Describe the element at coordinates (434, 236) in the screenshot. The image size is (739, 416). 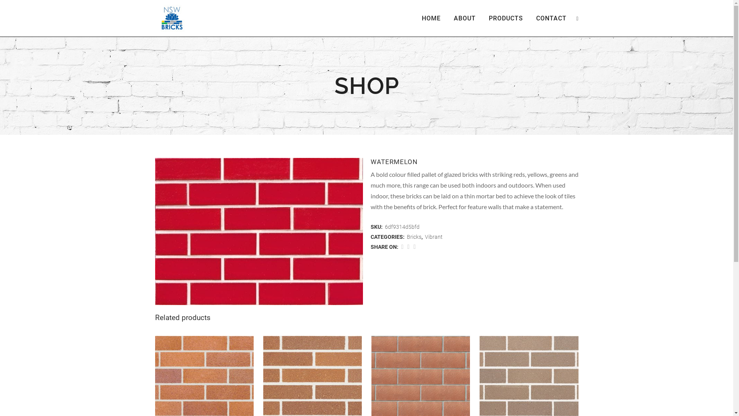
I see `'Vibrant'` at that location.